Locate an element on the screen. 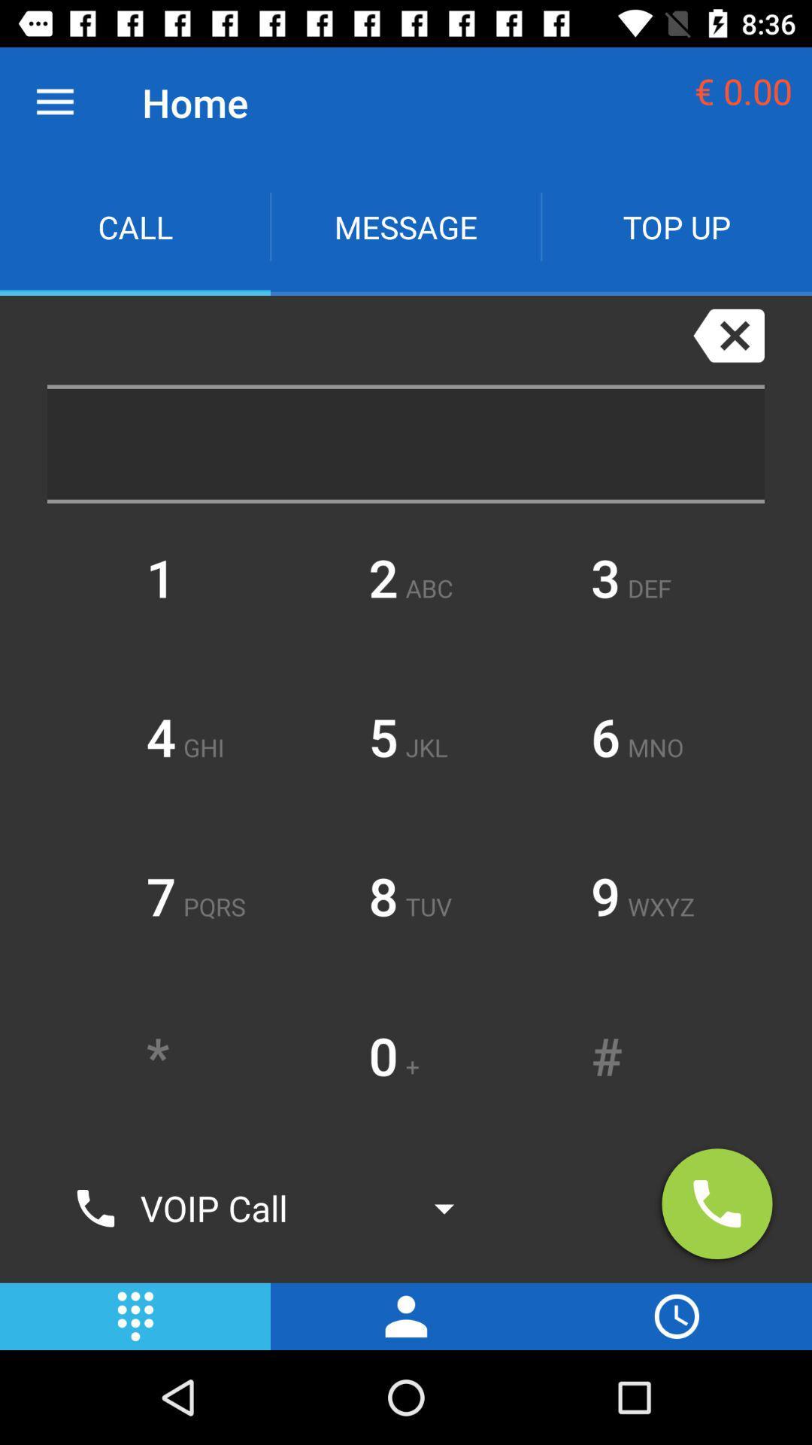 This screenshot has height=1445, width=812. icon next to home is located at coordinates (54, 102).